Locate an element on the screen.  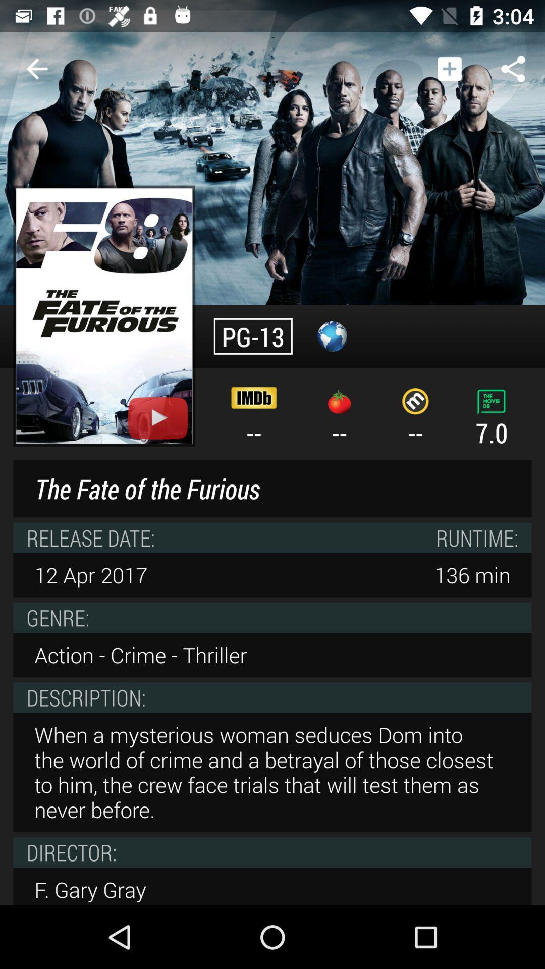
item above -- is located at coordinates (449, 68).